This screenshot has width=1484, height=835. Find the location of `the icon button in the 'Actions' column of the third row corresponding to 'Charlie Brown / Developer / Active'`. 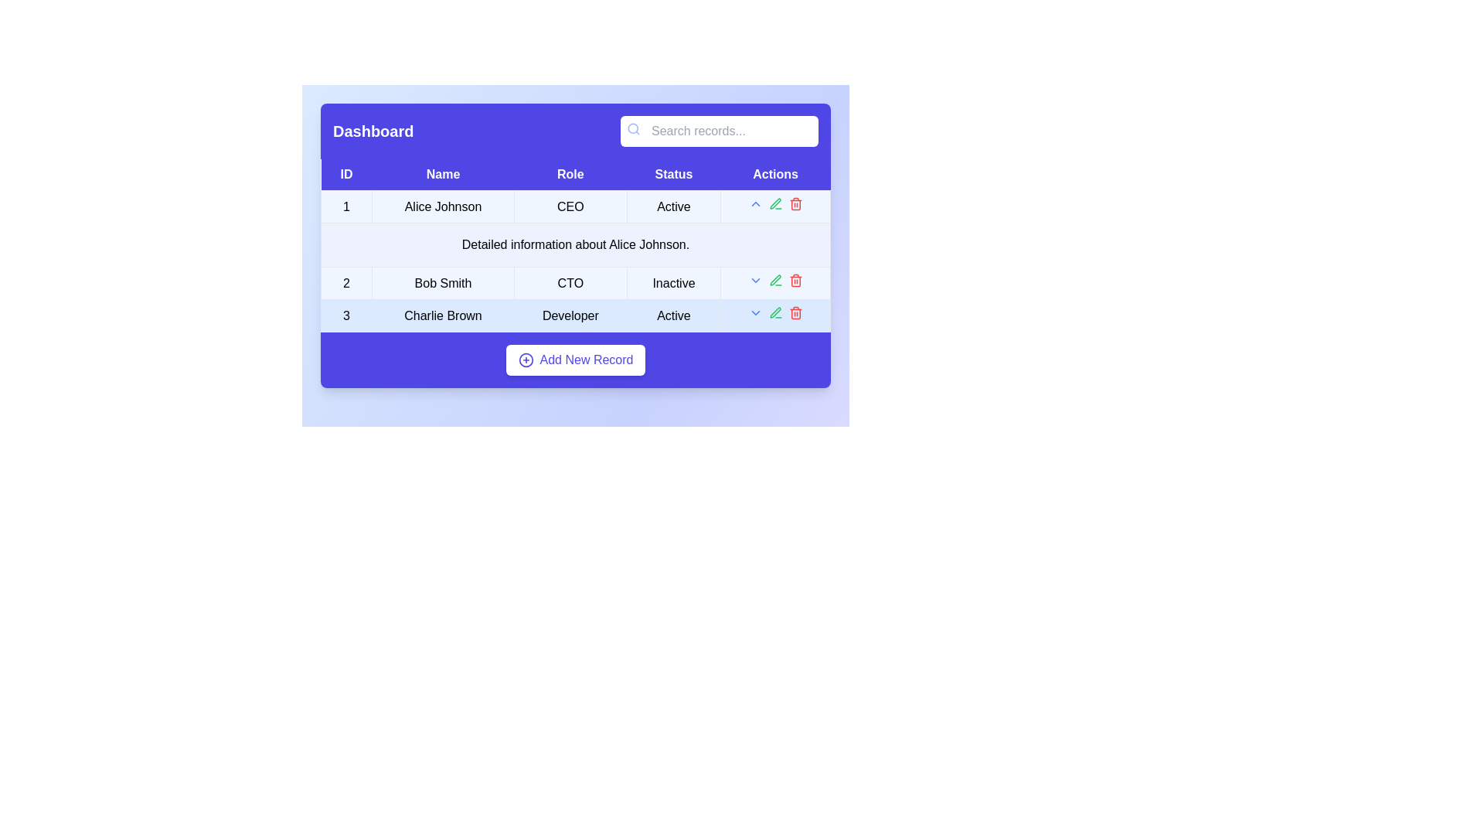

the icon button in the 'Actions' column of the third row corresponding to 'Charlie Brown / Developer / Active' is located at coordinates (795, 313).